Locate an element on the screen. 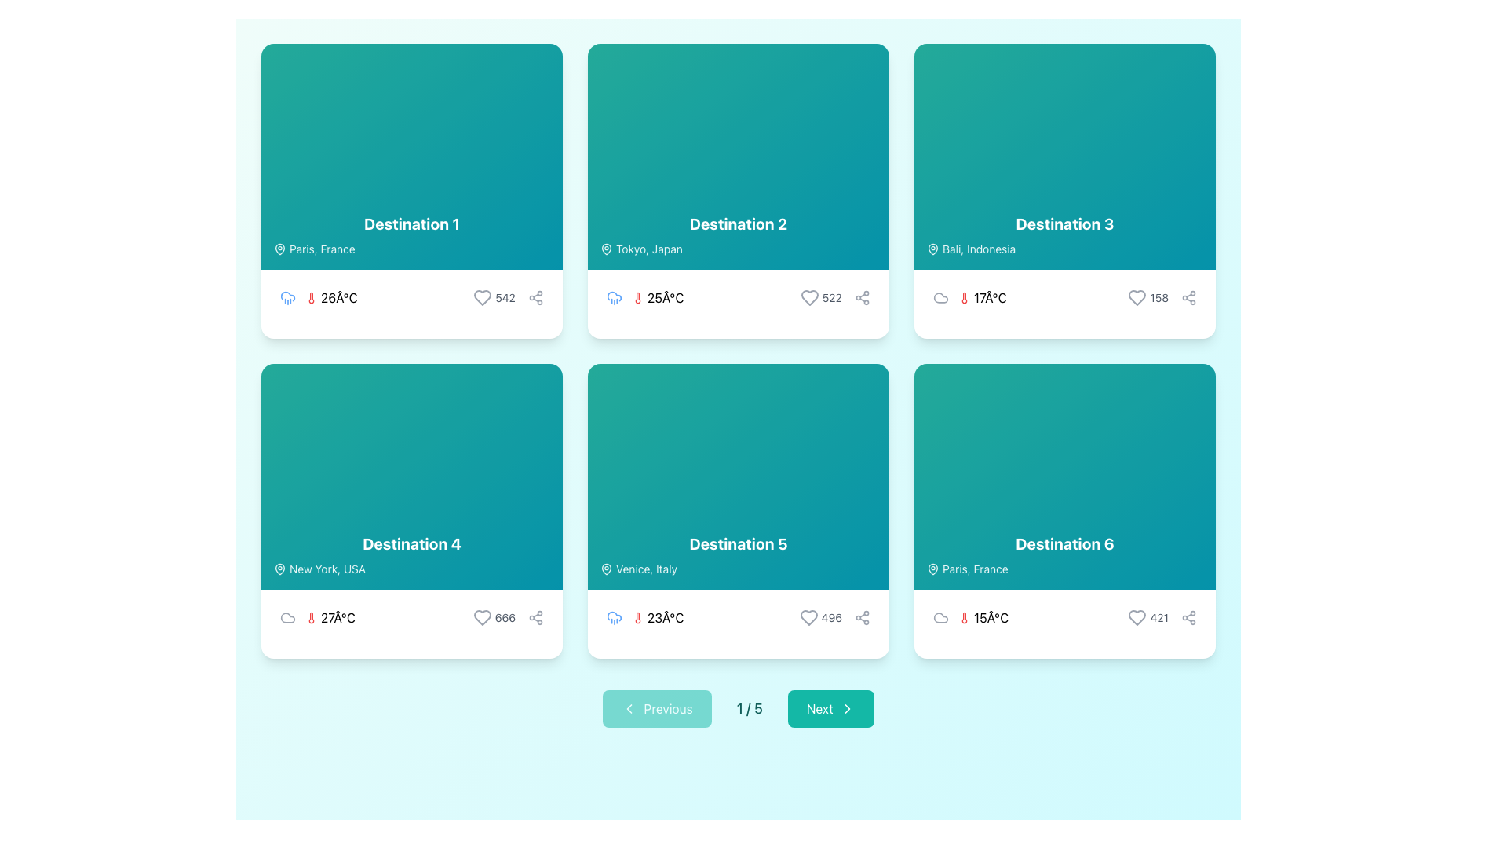  the small circular share/network icon in the footer section of the card labeled 'Destination 6' is located at coordinates (1189, 616).